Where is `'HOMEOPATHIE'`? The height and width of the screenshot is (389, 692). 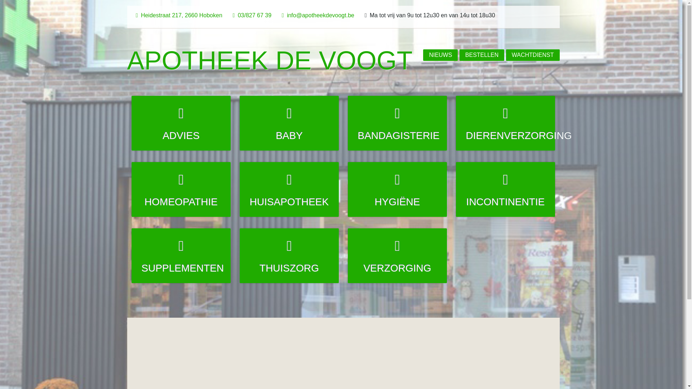 'HOMEOPATHIE' is located at coordinates (181, 189).